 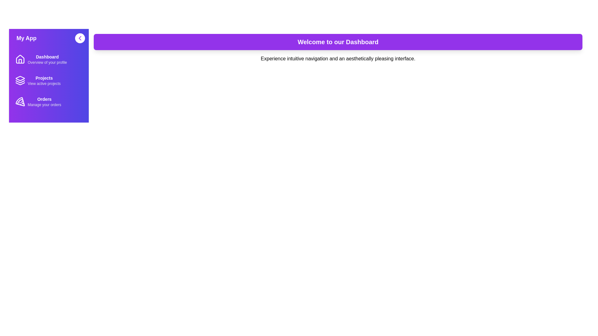 I want to click on the menu item corresponding to Projects, so click(x=49, y=80).